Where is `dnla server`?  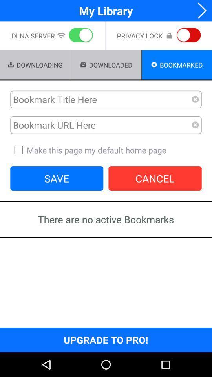 dnla server is located at coordinates (79, 36).